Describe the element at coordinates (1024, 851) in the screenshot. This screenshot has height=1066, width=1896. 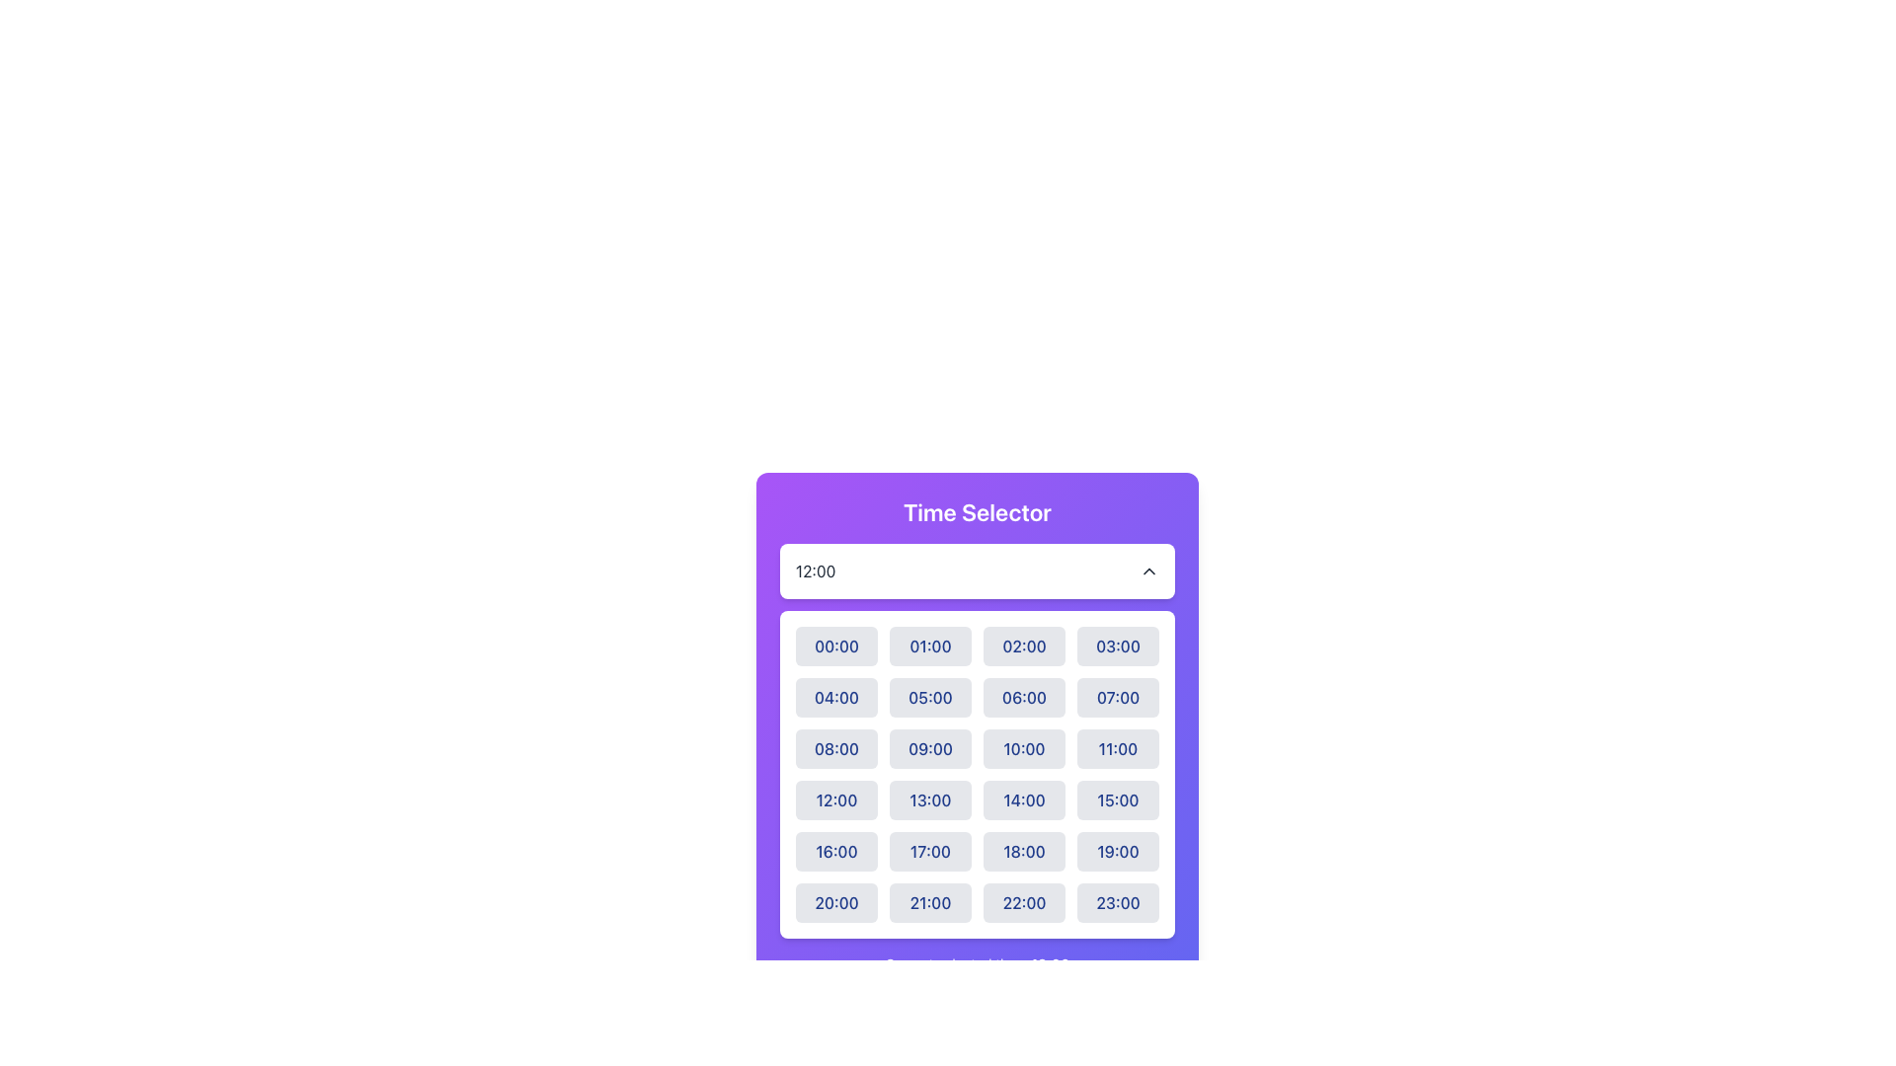
I see `the button labeled '18:00' with a light gray background in the Time Selector modal` at that location.